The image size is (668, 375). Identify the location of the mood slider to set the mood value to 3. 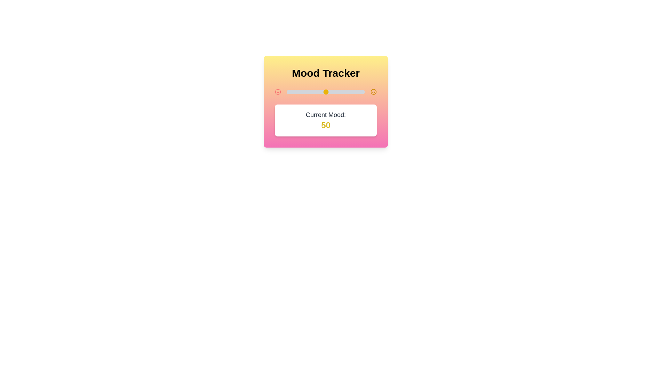
(289, 92).